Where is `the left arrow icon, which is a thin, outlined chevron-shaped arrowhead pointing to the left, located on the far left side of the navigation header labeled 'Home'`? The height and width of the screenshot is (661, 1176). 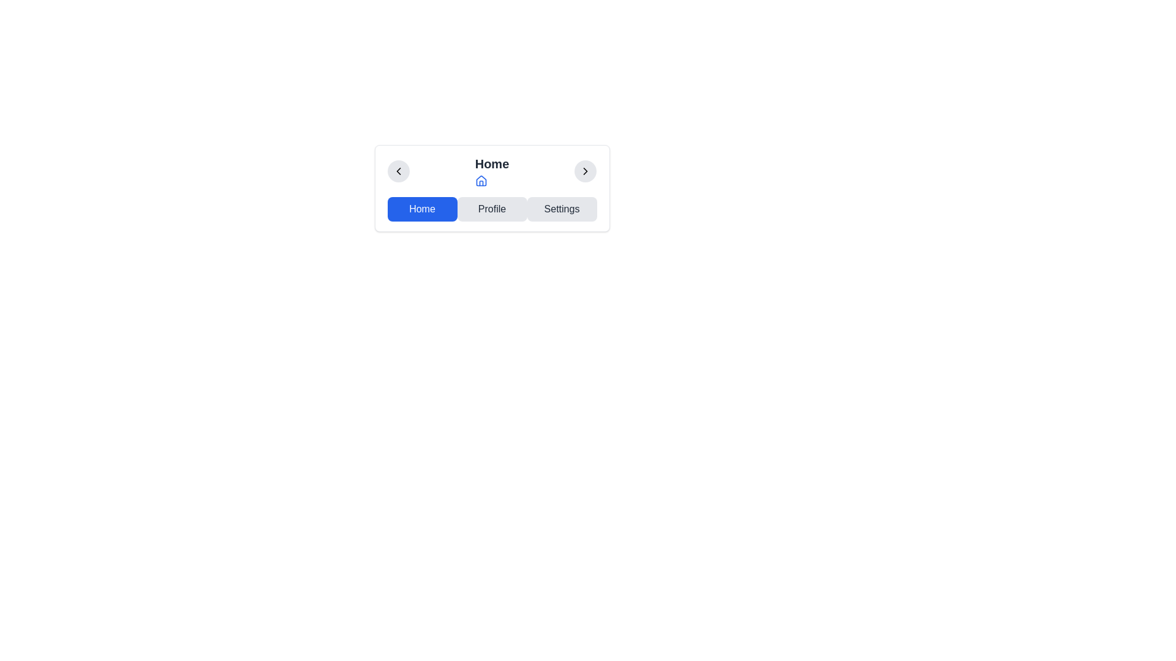
the left arrow icon, which is a thin, outlined chevron-shaped arrowhead pointing to the left, located on the far left side of the navigation header labeled 'Home' is located at coordinates (398, 171).